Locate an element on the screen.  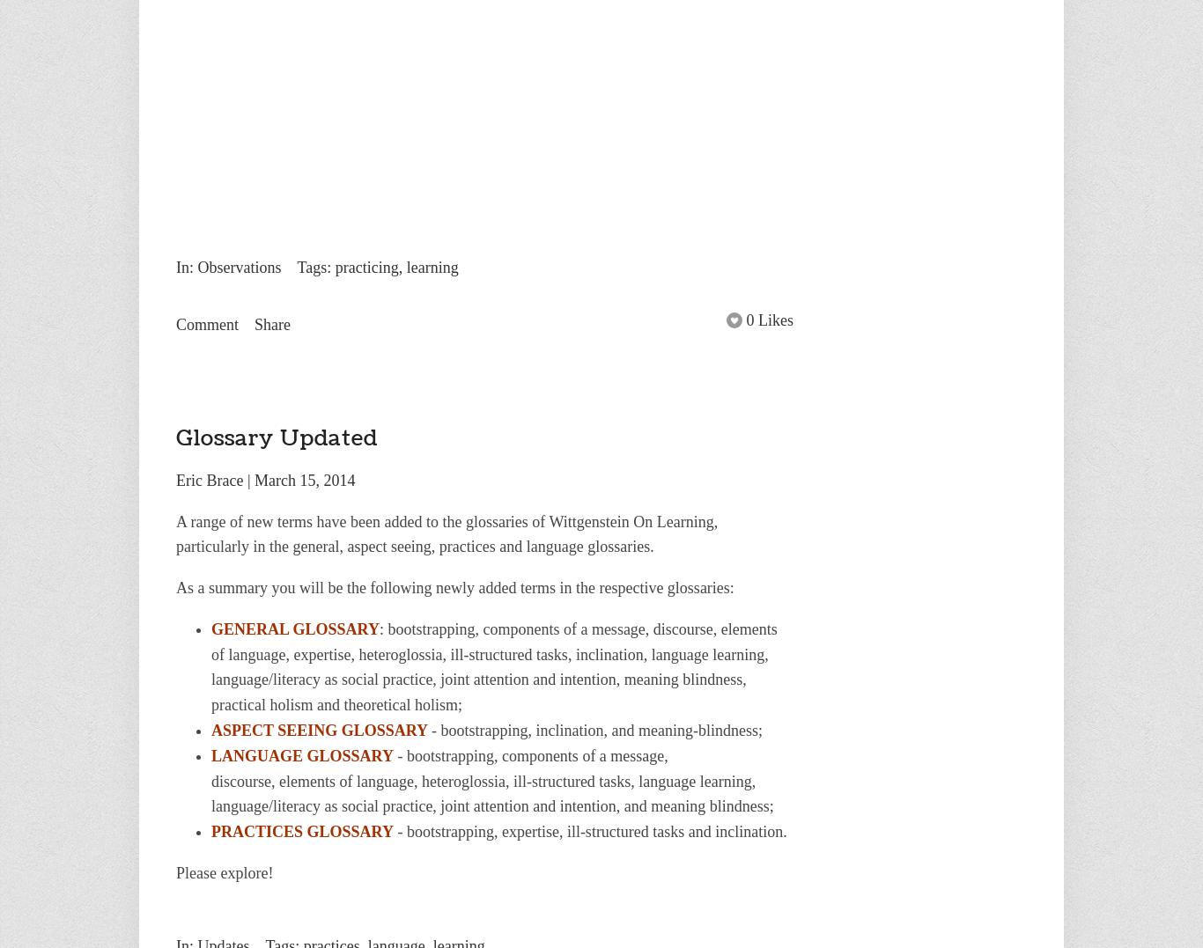
'March 15, 2014' is located at coordinates (255, 479).